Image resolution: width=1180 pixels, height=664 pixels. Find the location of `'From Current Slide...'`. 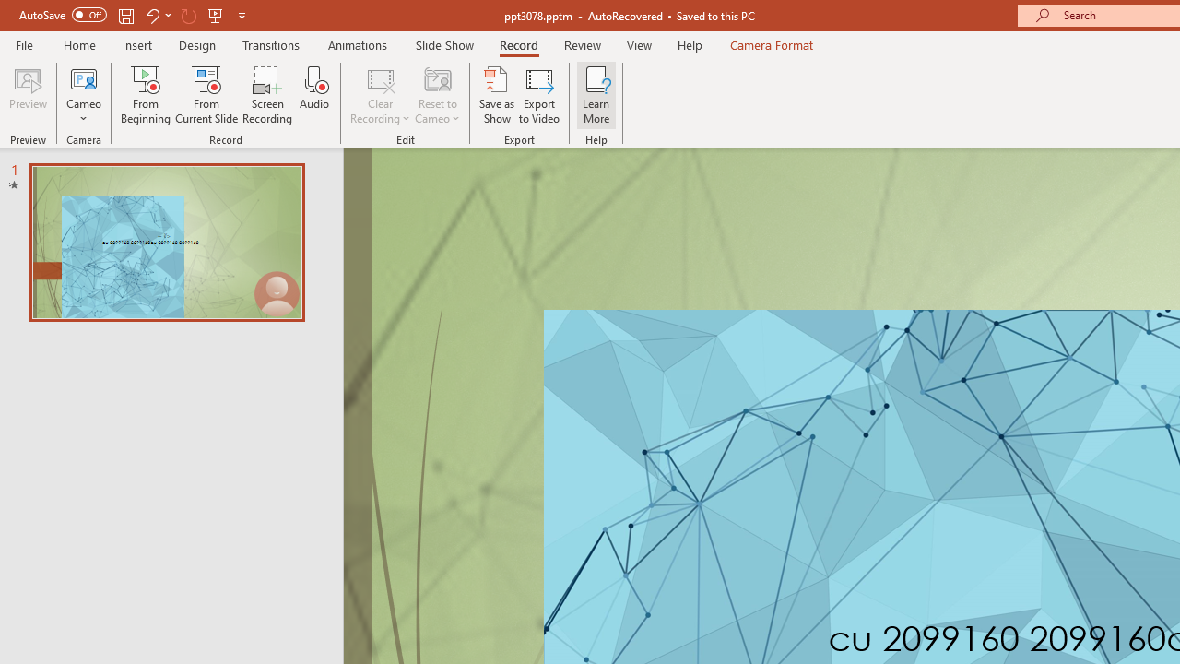

'From Current Slide...' is located at coordinates (206, 95).